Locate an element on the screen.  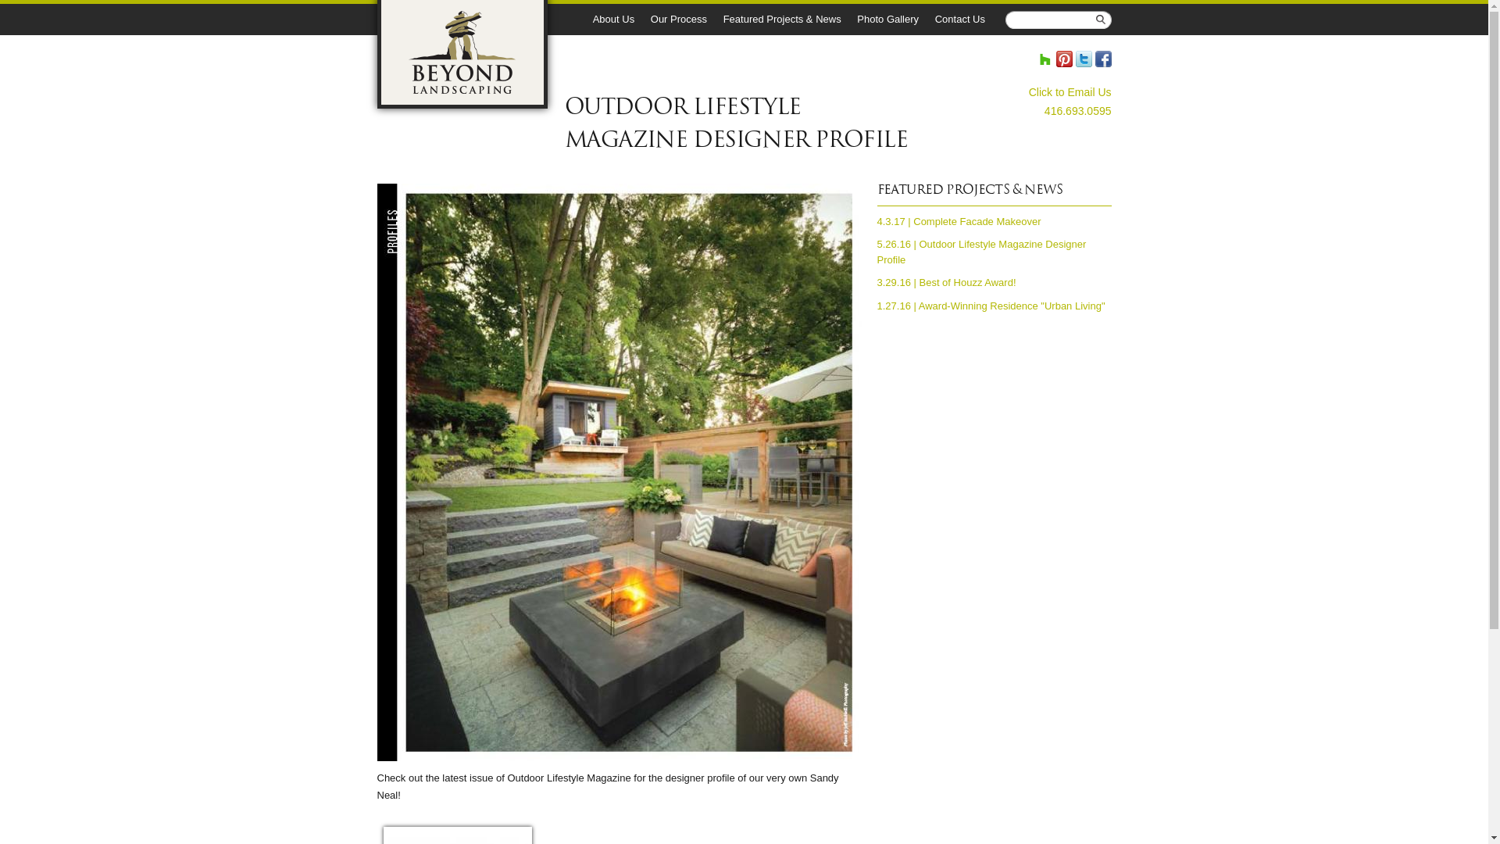
'Skip to main content' is located at coordinates (714, 2).